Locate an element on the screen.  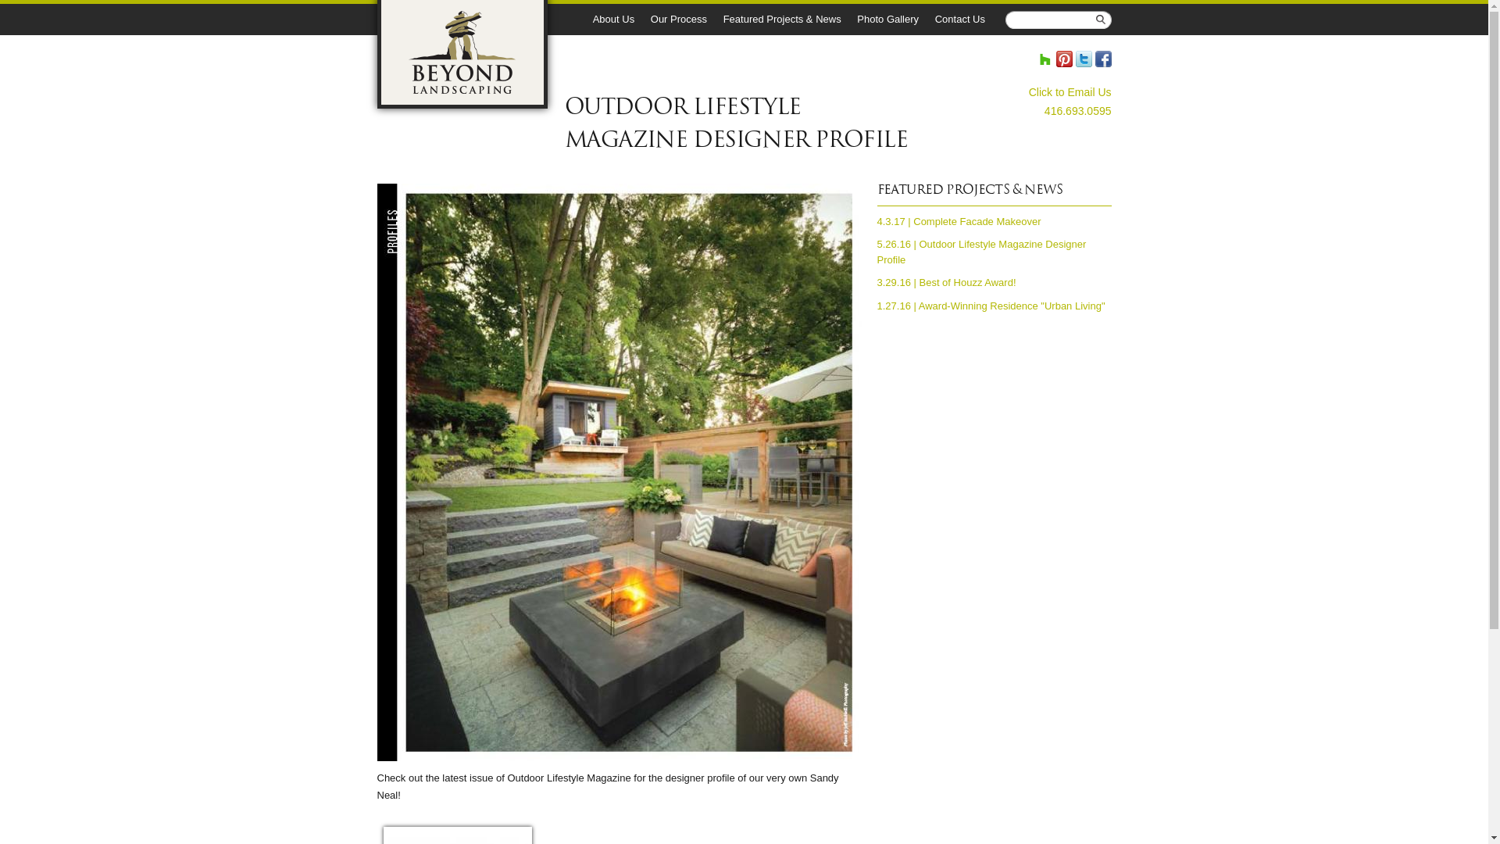
'Skip to main content' is located at coordinates (714, 2).